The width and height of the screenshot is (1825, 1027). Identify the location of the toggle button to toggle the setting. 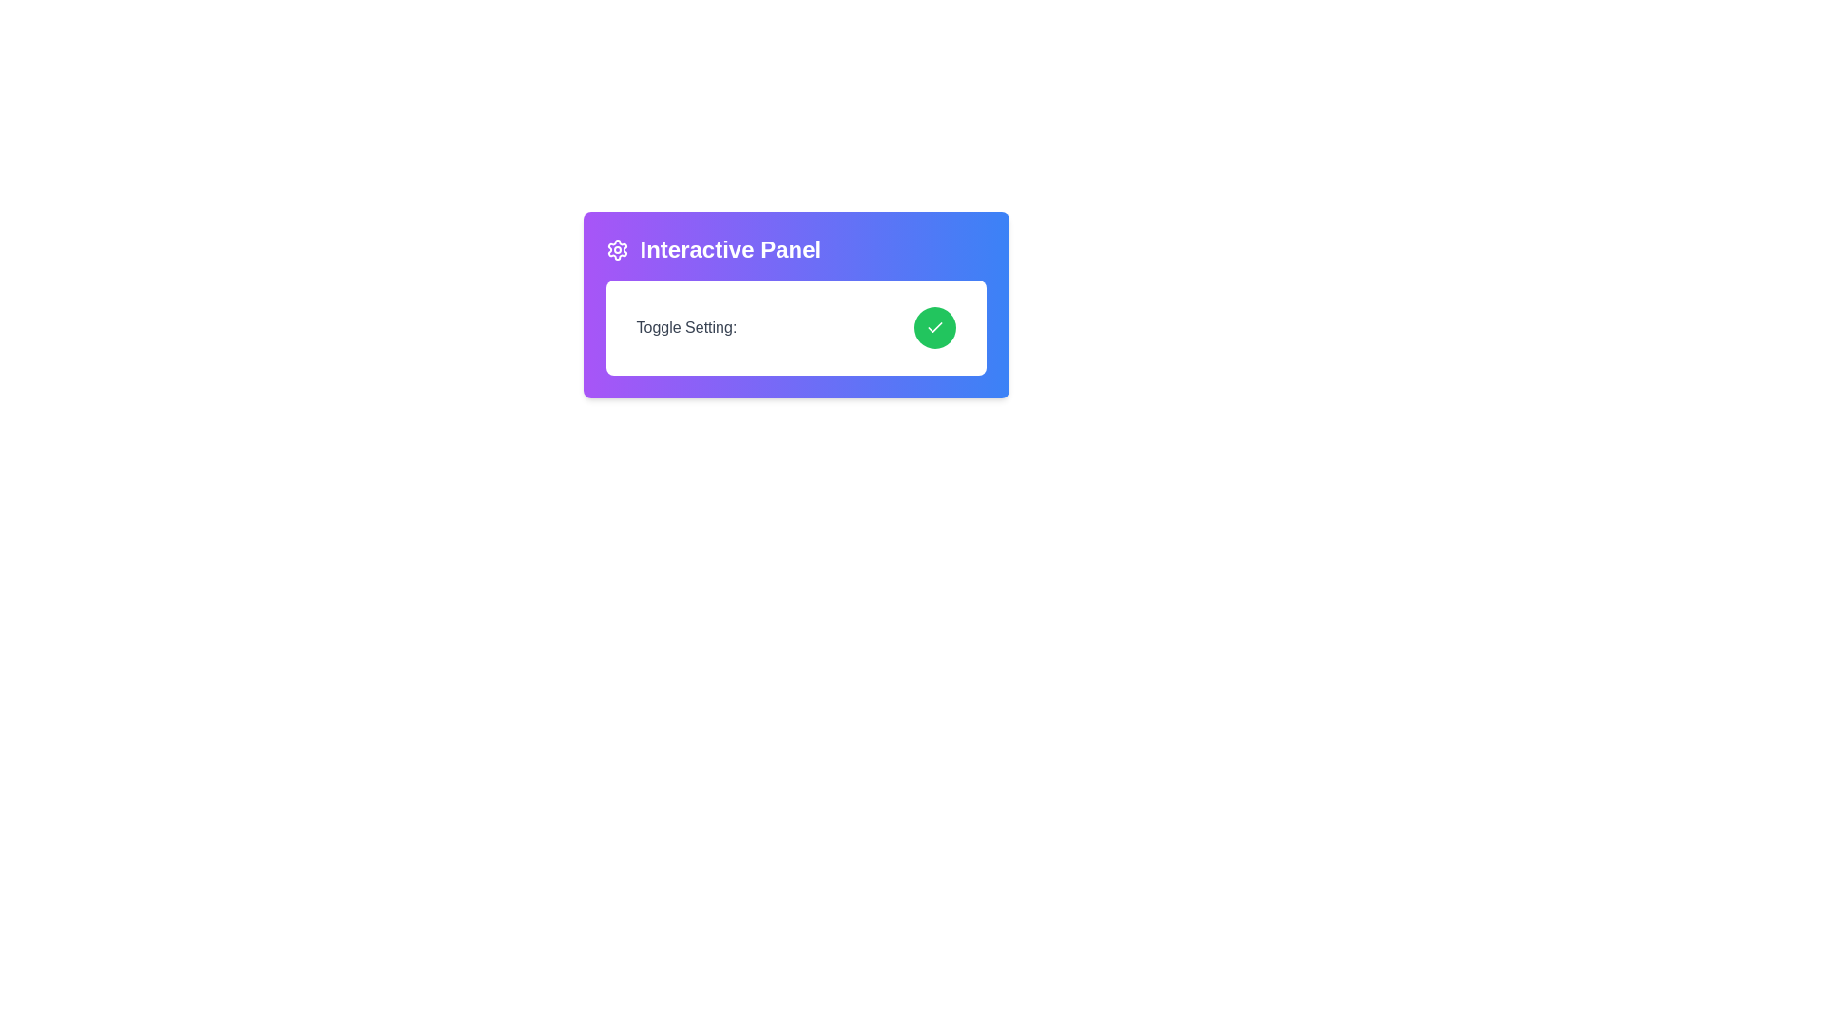
(934, 326).